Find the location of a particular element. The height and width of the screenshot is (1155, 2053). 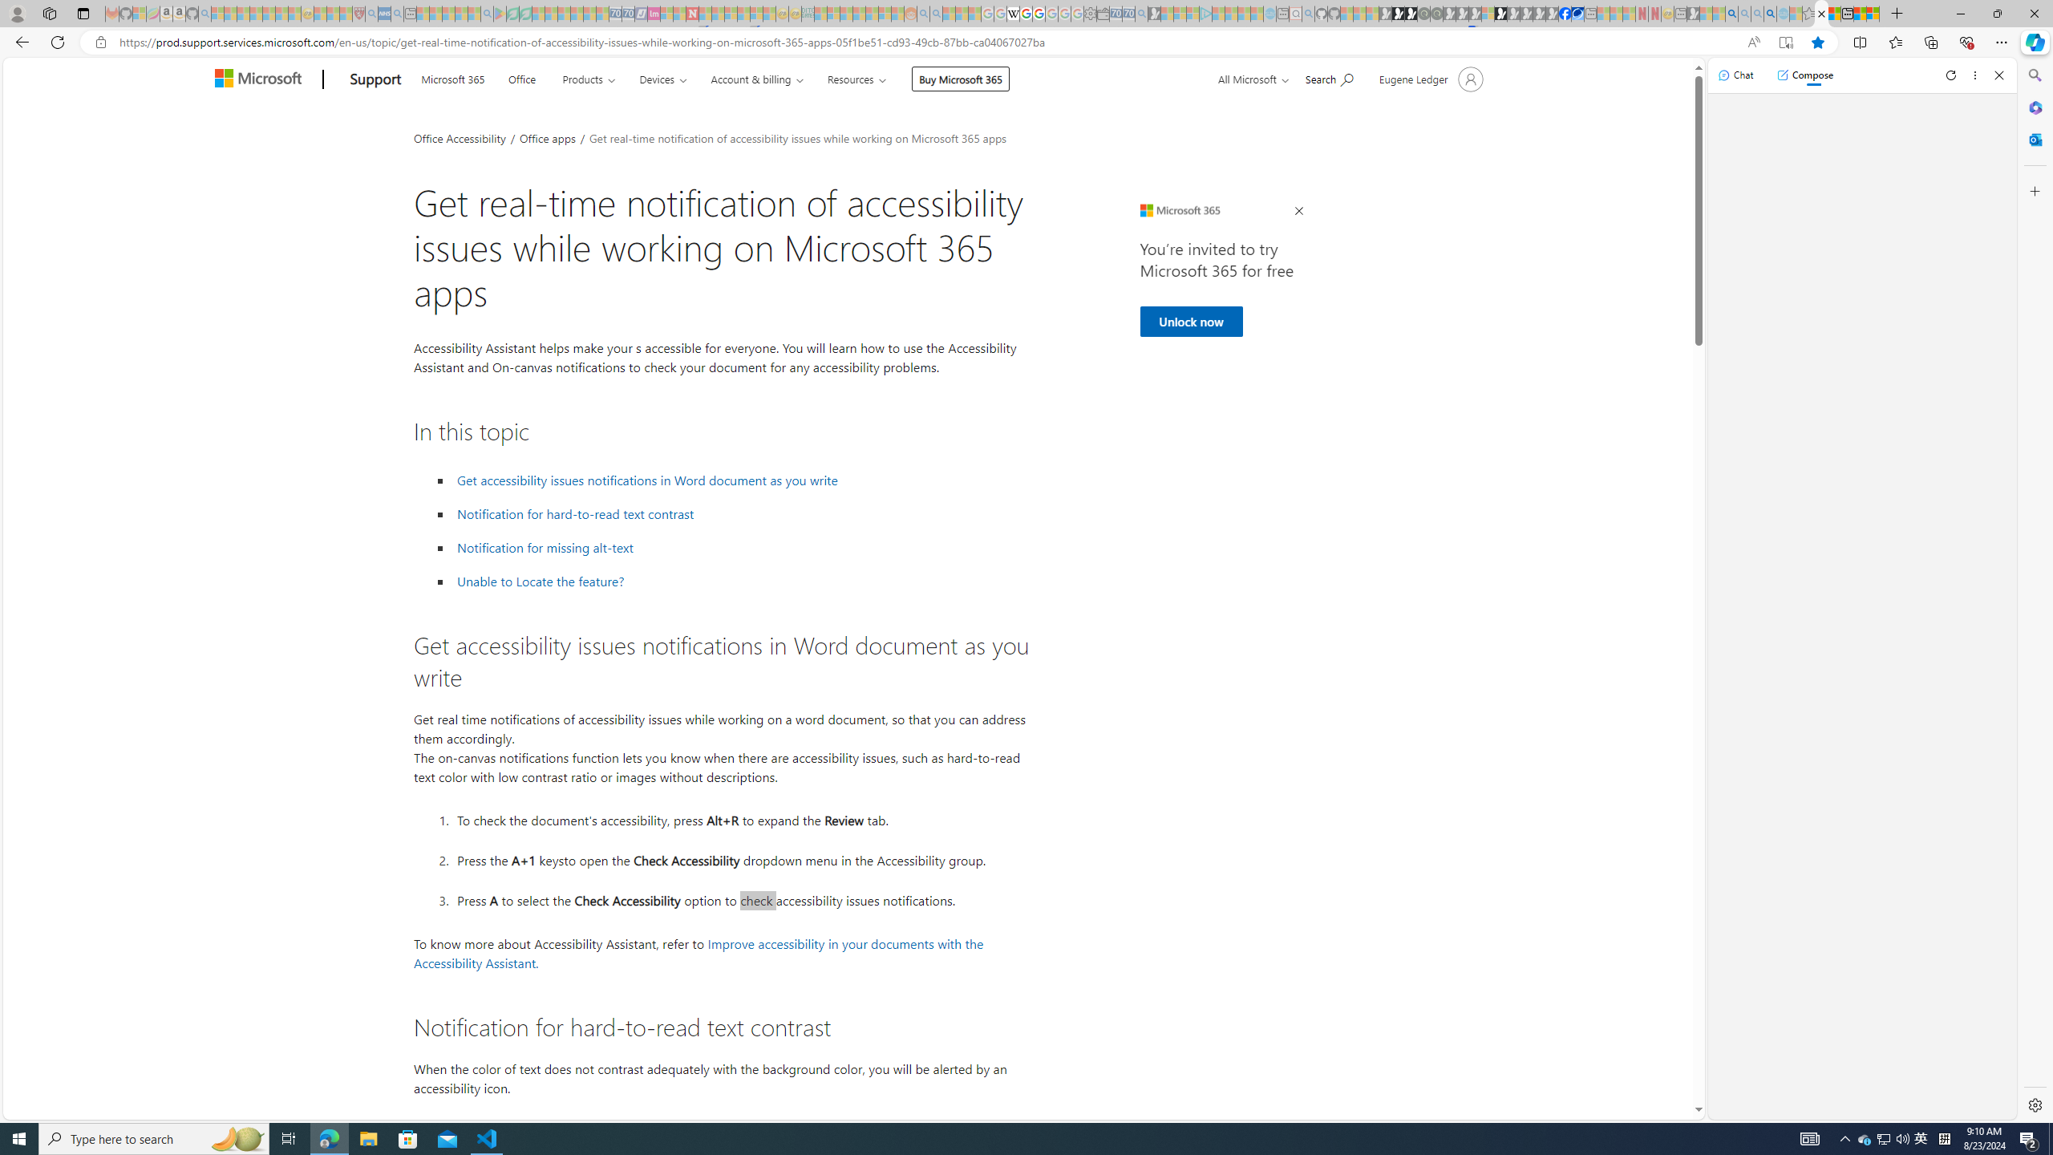

'AirNow.gov' is located at coordinates (1577, 13).